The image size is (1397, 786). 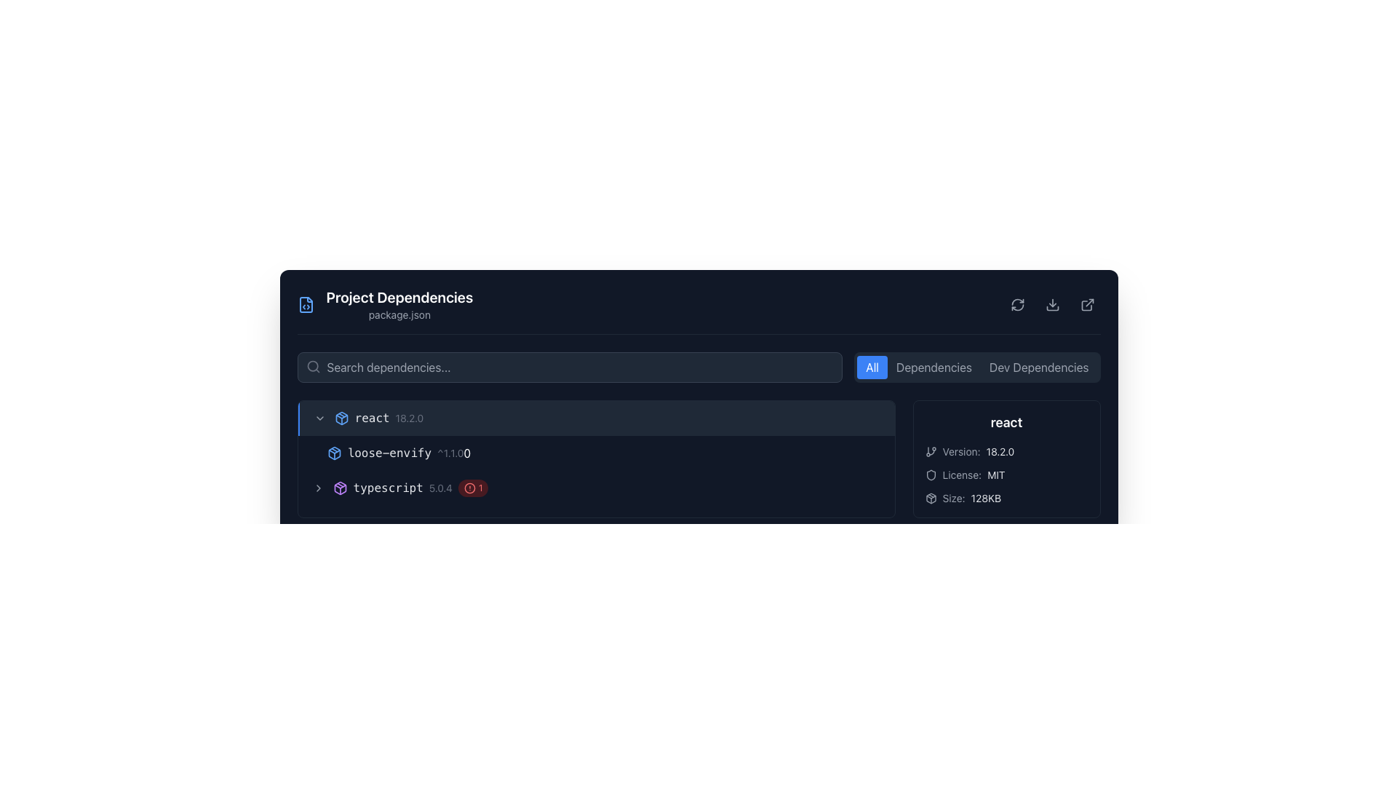 What do you see at coordinates (596, 488) in the screenshot?
I see `on the third row list item in the dependencies section, which has a dark background, highlighted borders, an icon on the left, monospaced font text, a version number in smaller text, and a red badge with a numerical value` at bounding box center [596, 488].